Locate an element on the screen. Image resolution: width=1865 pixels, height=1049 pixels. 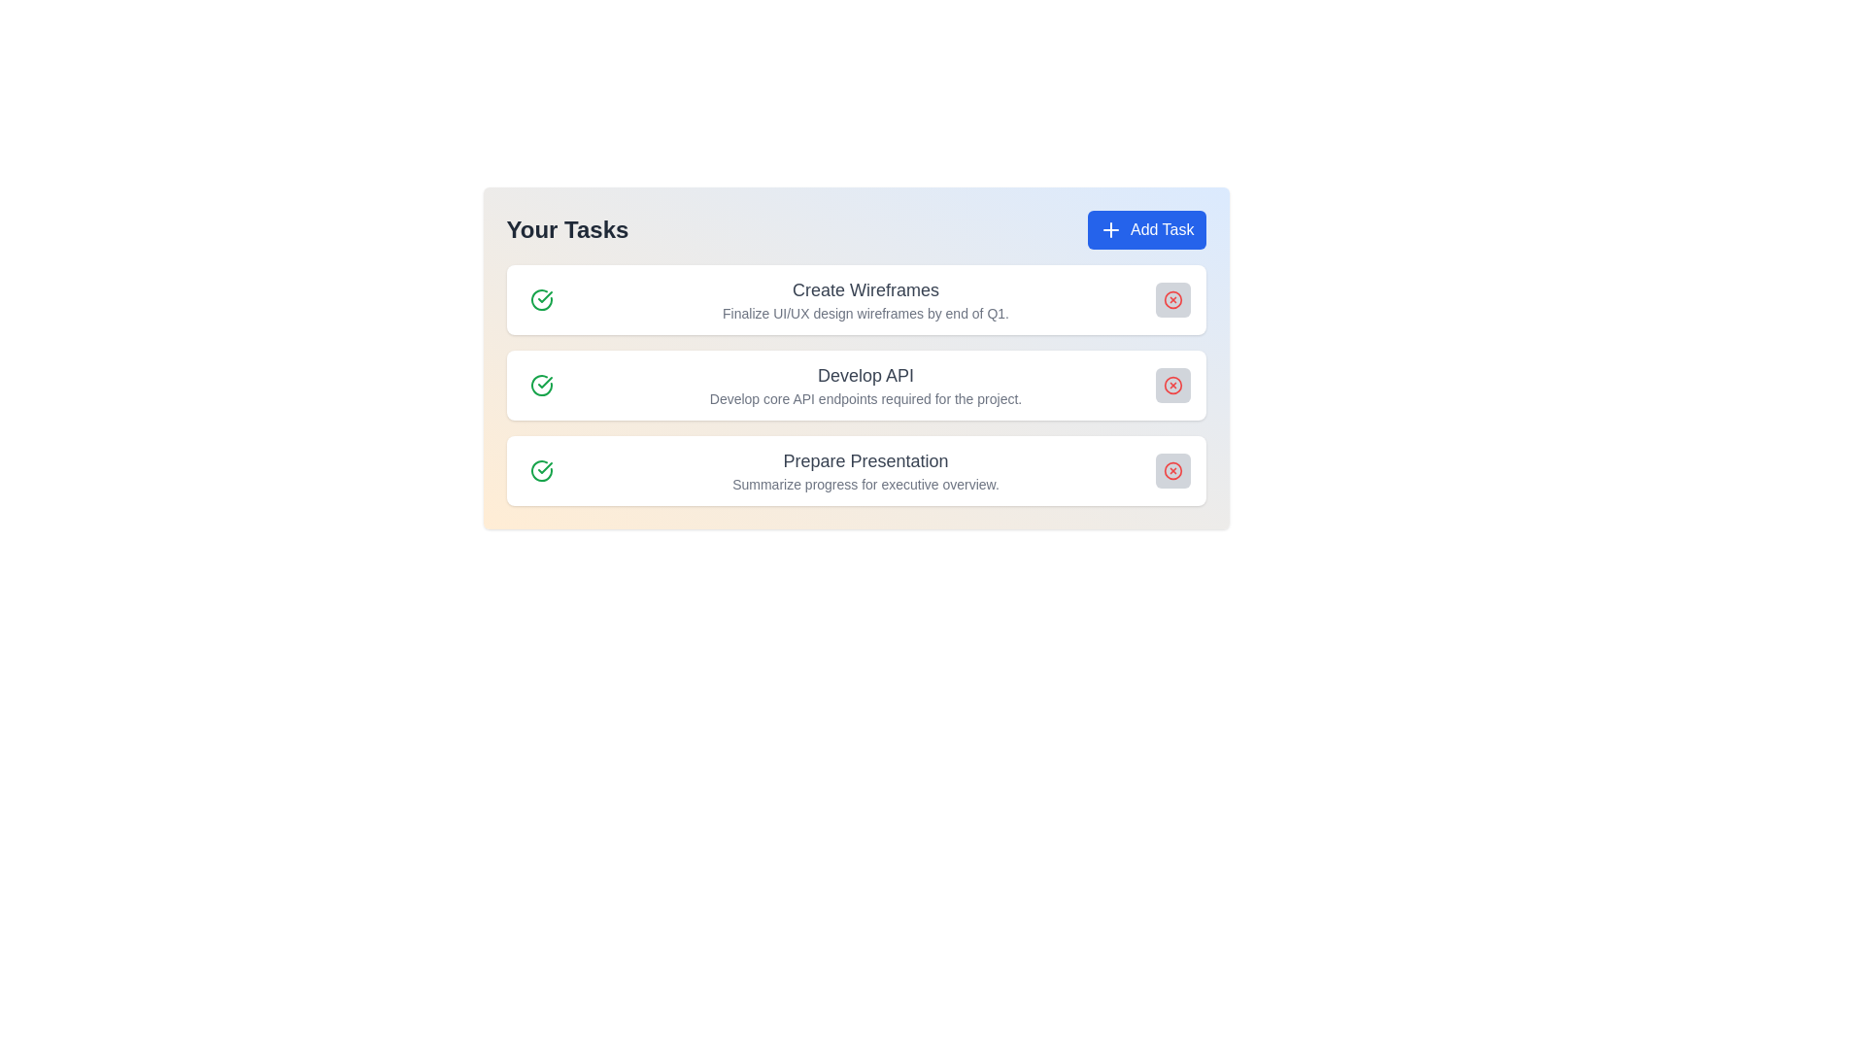
the button located at the far-right of the 'Prepare Presentation' task row is located at coordinates (1171, 471).